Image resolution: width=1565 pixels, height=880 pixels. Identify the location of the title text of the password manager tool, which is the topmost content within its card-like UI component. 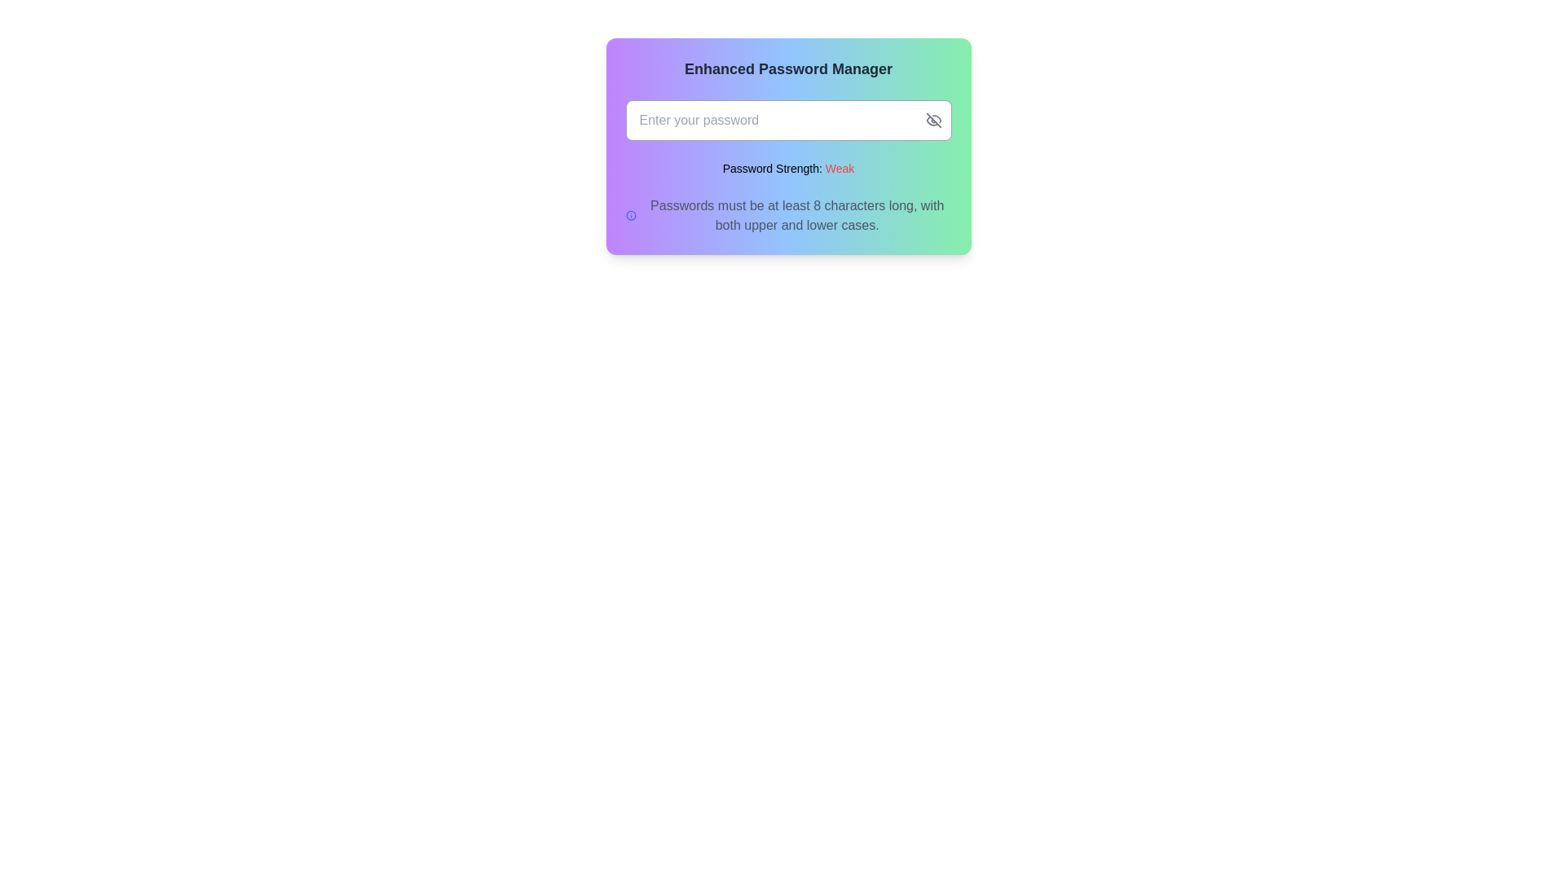
(788, 68).